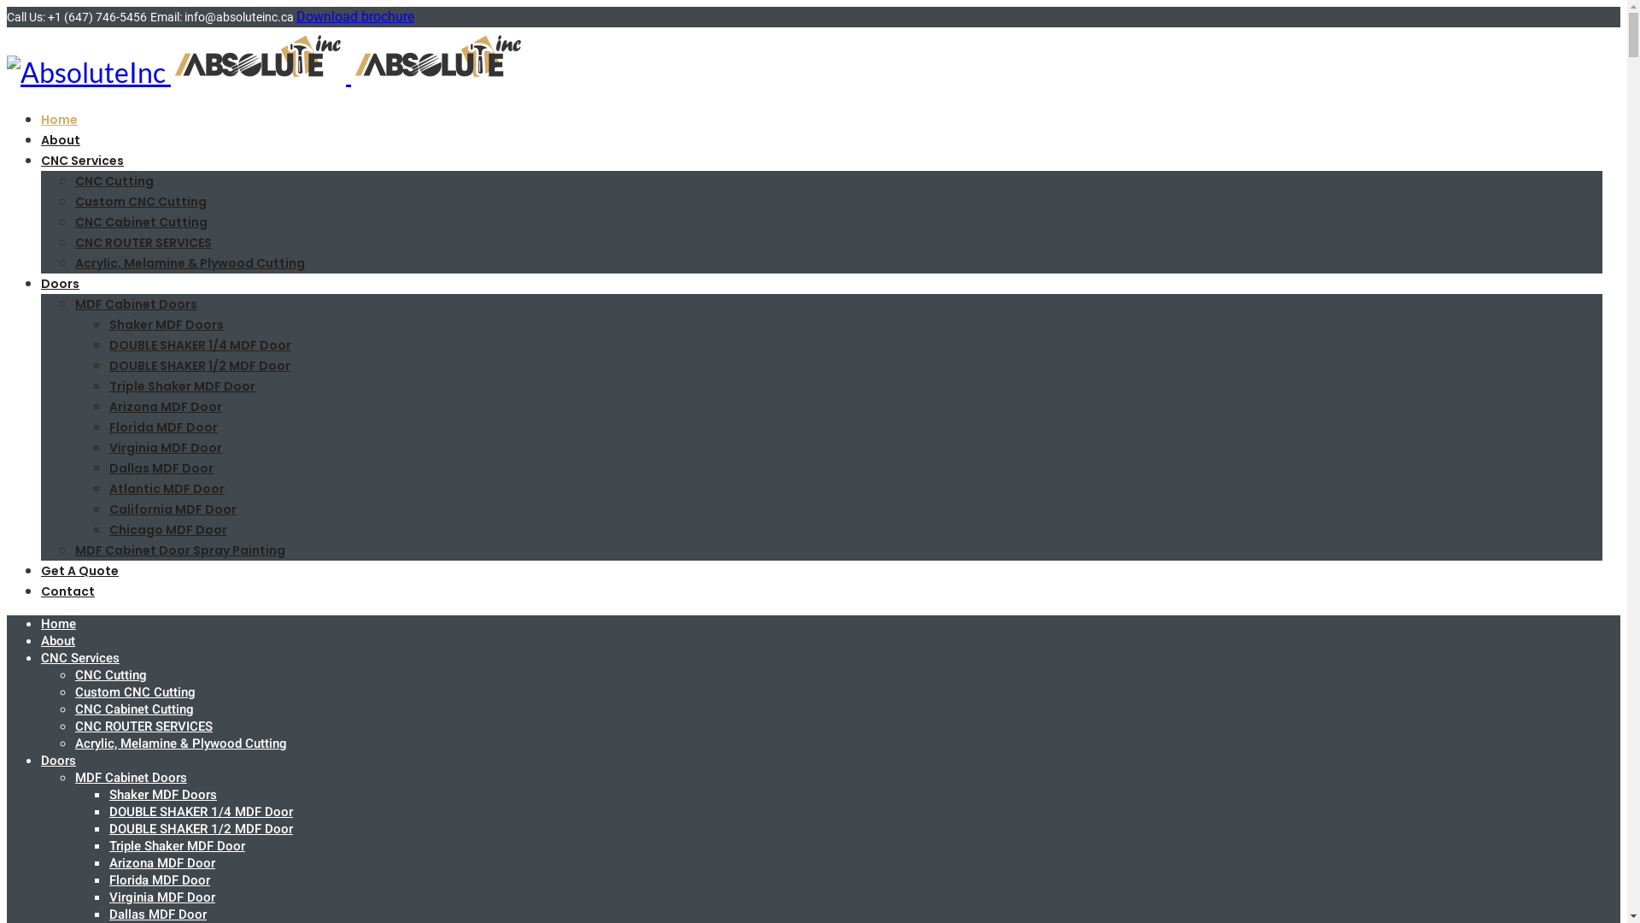  What do you see at coordinates (163, 794) in the screenshot?
I see `'Shaker MDF Doors'` at bounding box center [163, 794].